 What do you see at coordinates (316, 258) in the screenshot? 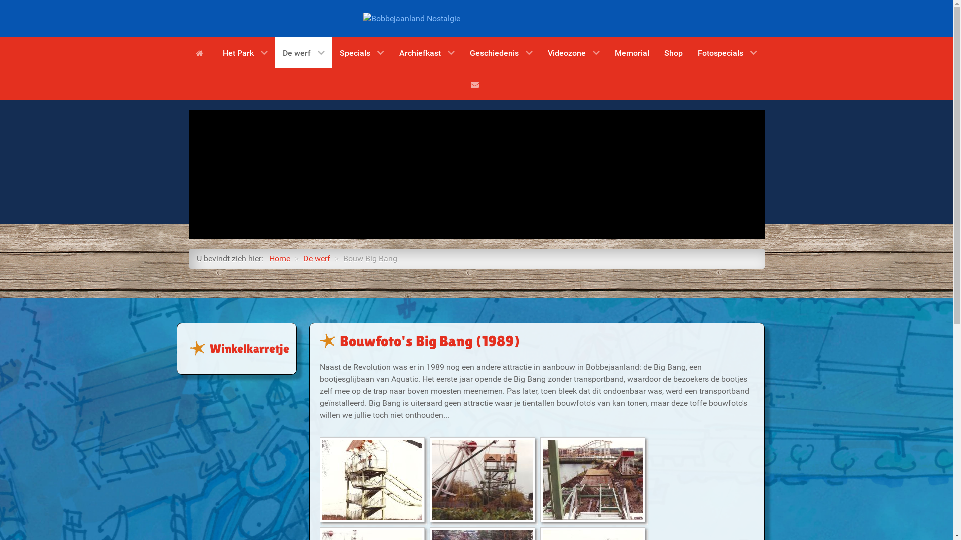
I see `'De werf'` at bounding box center [316, 258].